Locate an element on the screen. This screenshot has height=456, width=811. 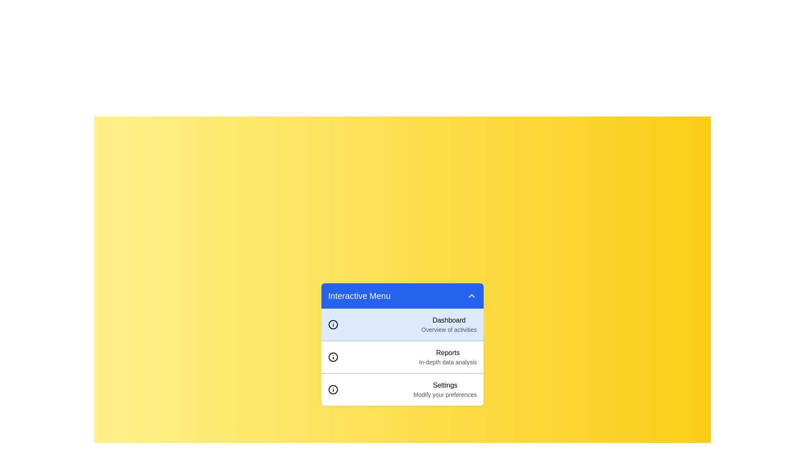
the item Reports from the list is located at coordinates (402, 357).